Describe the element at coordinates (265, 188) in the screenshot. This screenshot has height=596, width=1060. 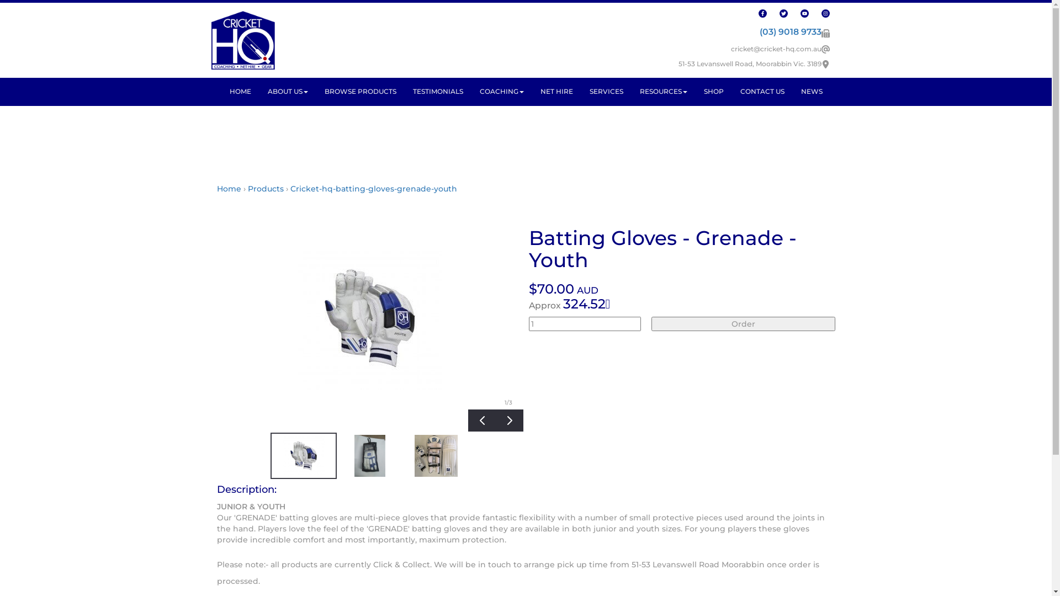
I see `'Products'` at that location.